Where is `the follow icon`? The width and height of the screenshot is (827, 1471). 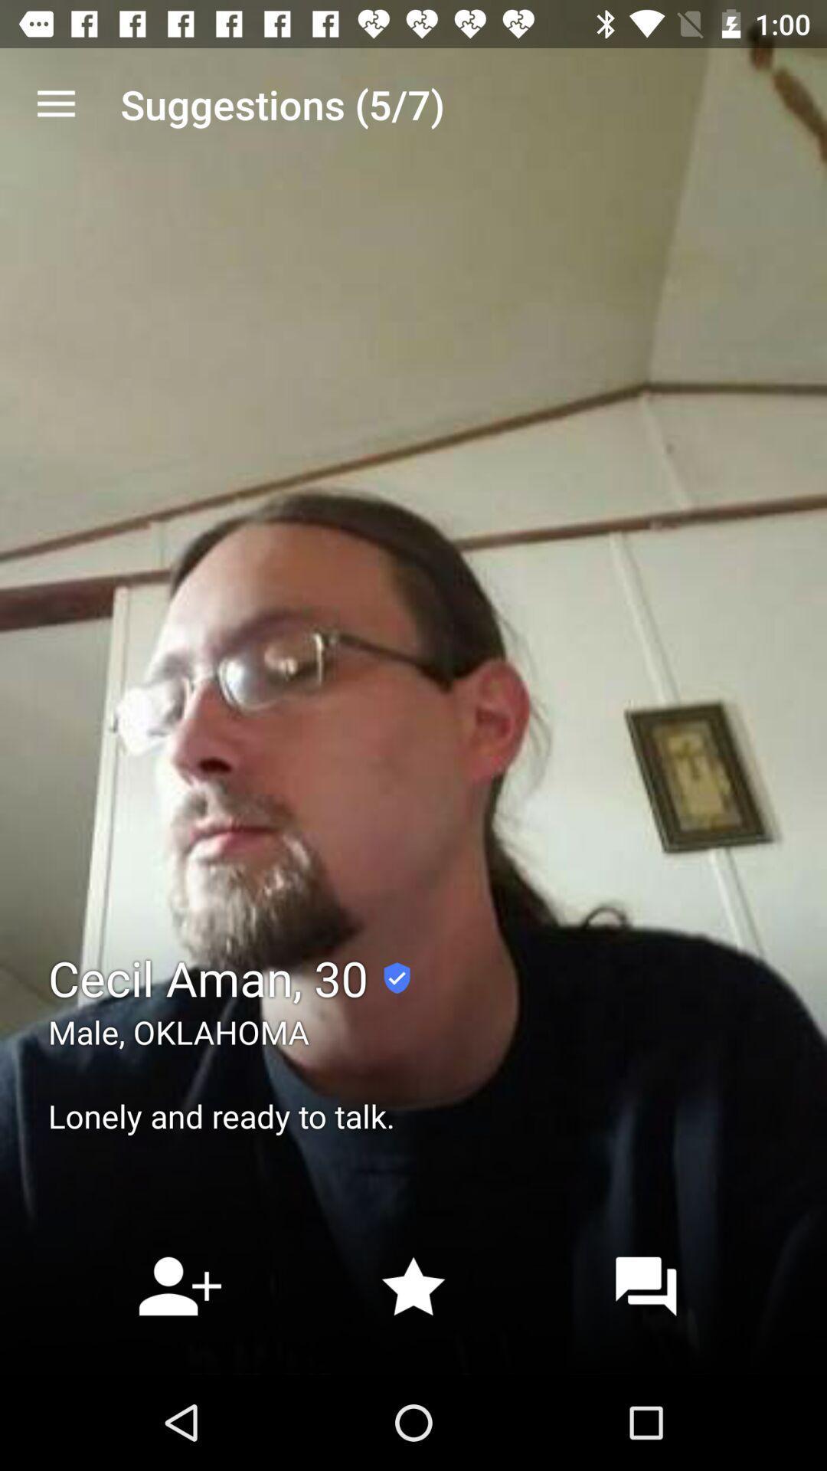 the follow icon is located at coordinates (179, 1286).